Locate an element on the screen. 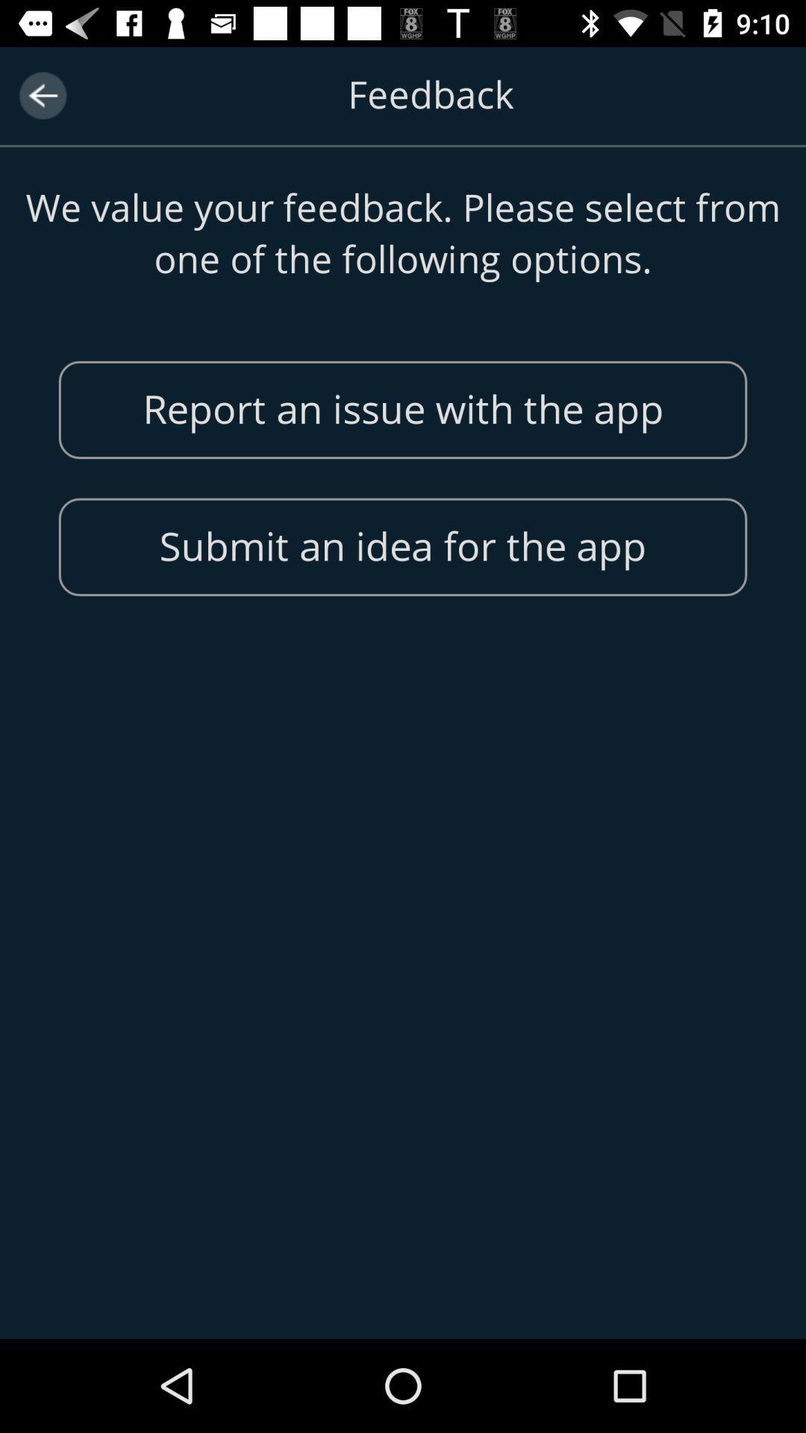  the arrow_backward icon is located at coordinates (42, 95).